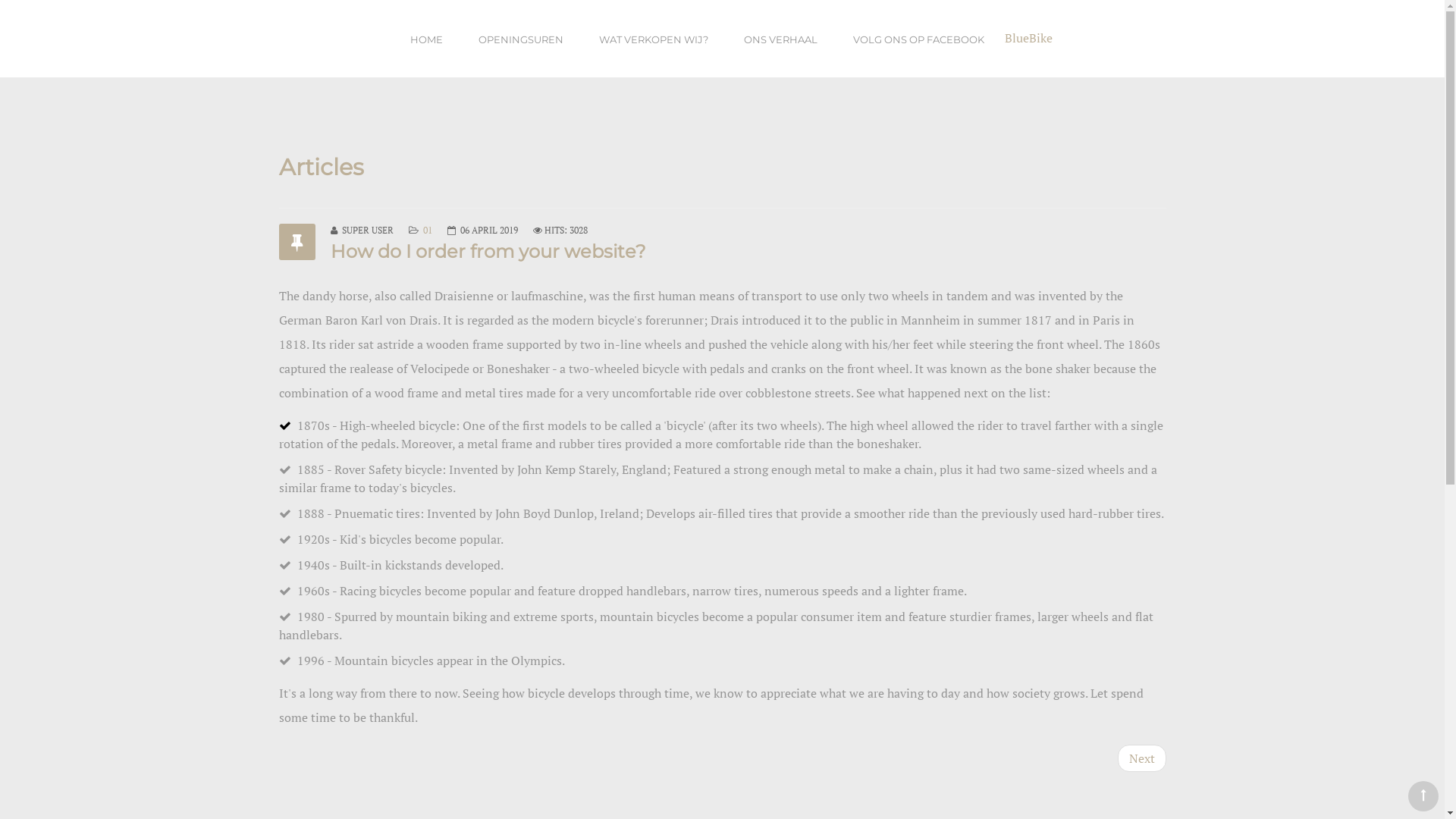 The image size is (1456, 819). What do you see at coordinates (520, 38) in the screenshot?
I see `'OPENINGSUREN'` at bounding box center [520, 38].